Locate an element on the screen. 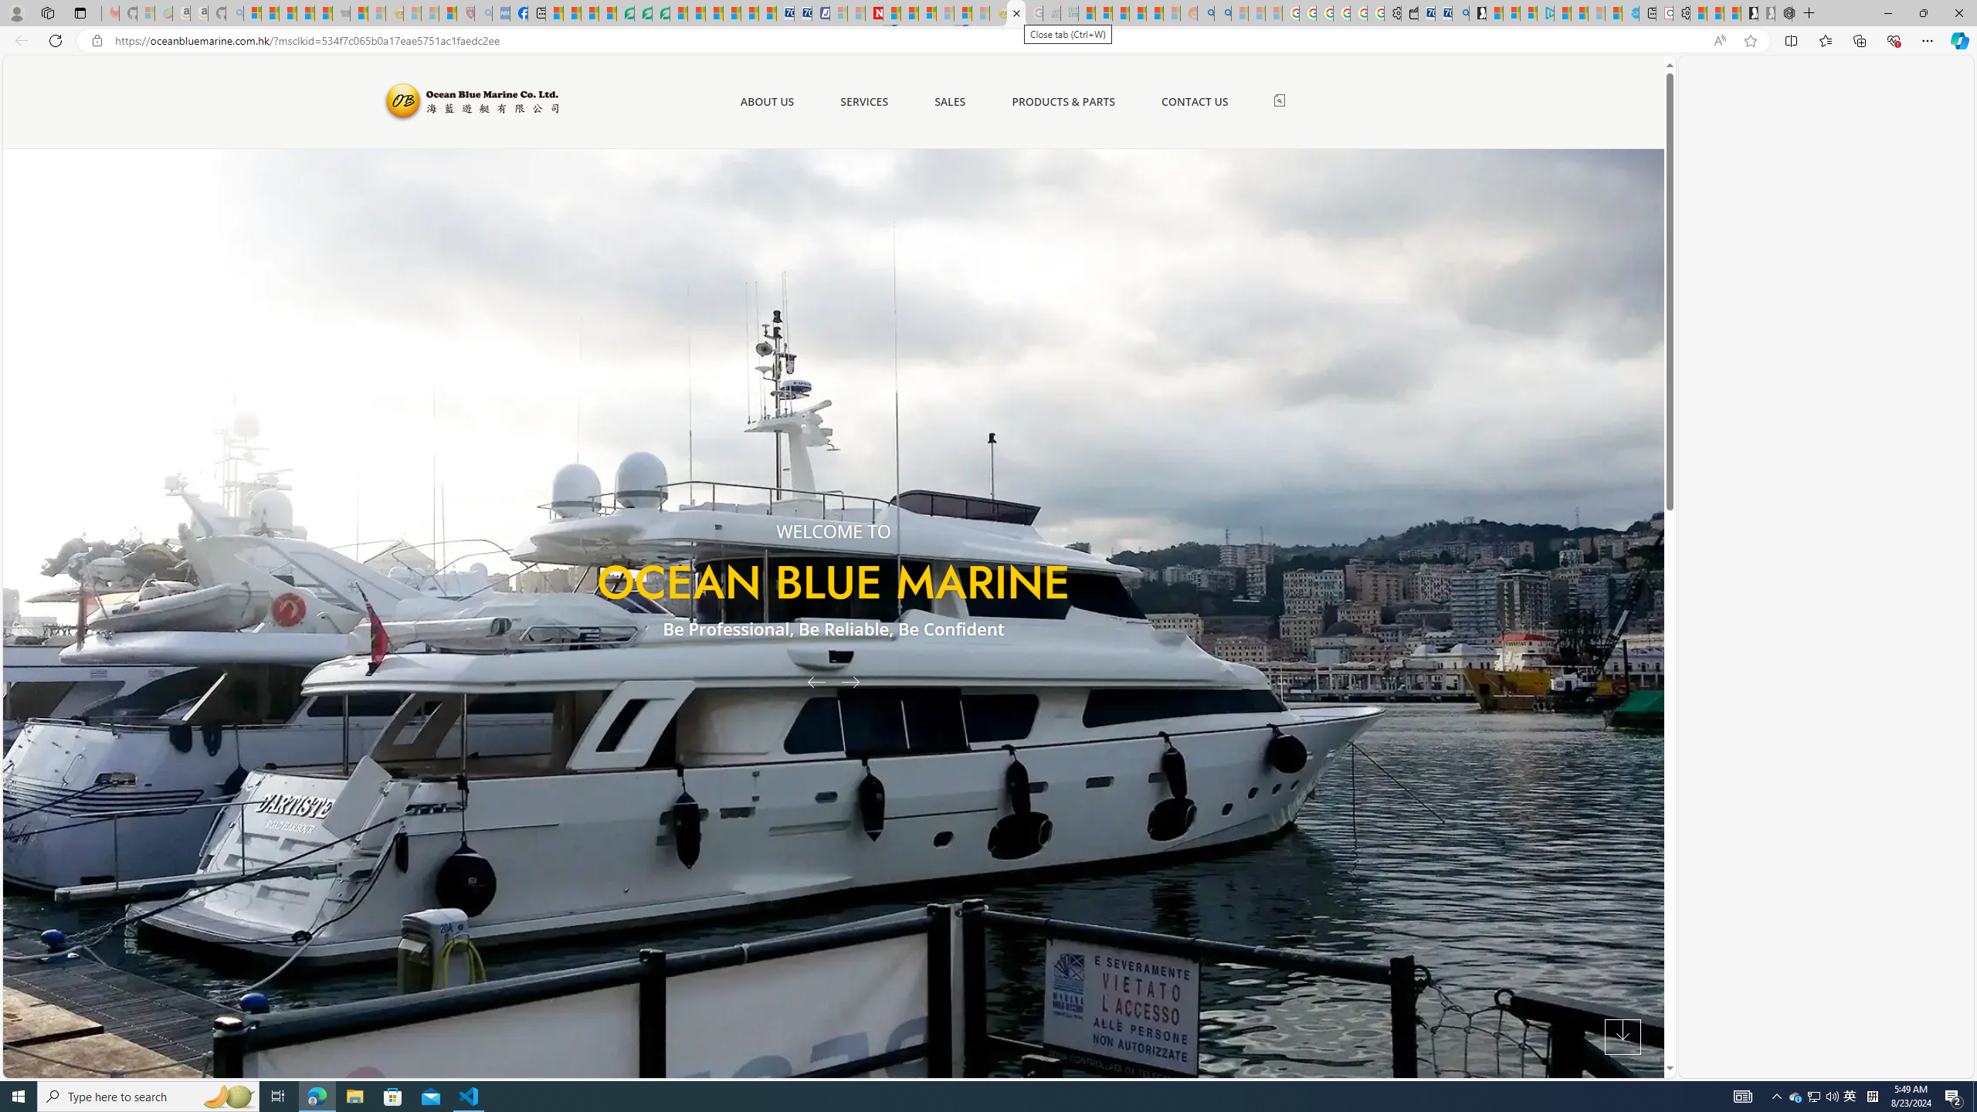 This screenshot has height=1112, width=1977. 'SALES' is located at coordinates (950, 101).